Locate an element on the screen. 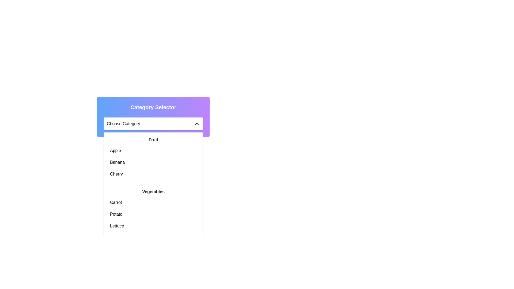  the 'Choose Category' text label in the dropdown menu header, which is styled with a standard sans-serif font and is dark in color is located at coordinates (123, 124).